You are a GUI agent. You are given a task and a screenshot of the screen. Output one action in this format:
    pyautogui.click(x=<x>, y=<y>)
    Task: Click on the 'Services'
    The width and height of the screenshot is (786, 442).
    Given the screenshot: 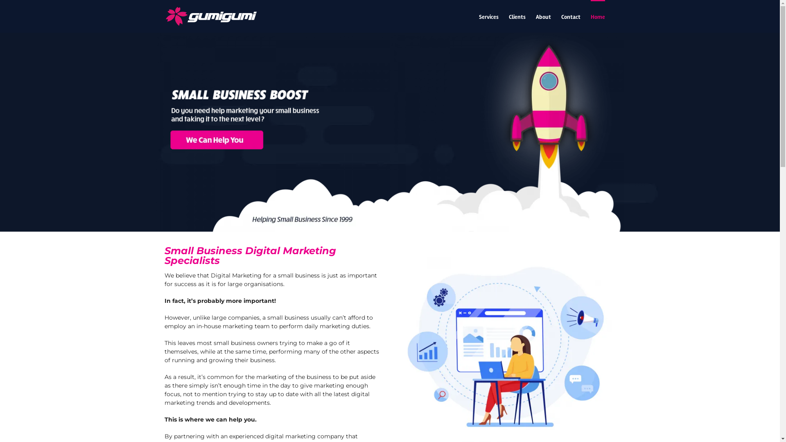 What is the action you would take?
    pyautogui.click(x=489, y=16)
    